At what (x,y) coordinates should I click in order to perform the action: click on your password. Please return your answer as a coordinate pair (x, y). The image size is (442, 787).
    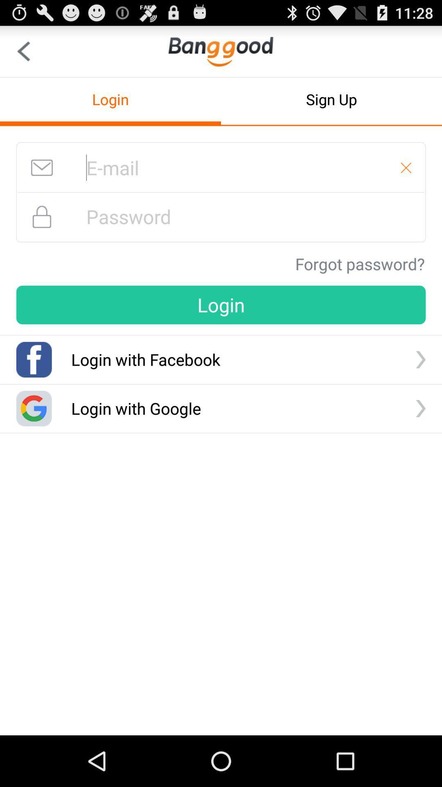
    Looking at the image, I should click on (221, 216).